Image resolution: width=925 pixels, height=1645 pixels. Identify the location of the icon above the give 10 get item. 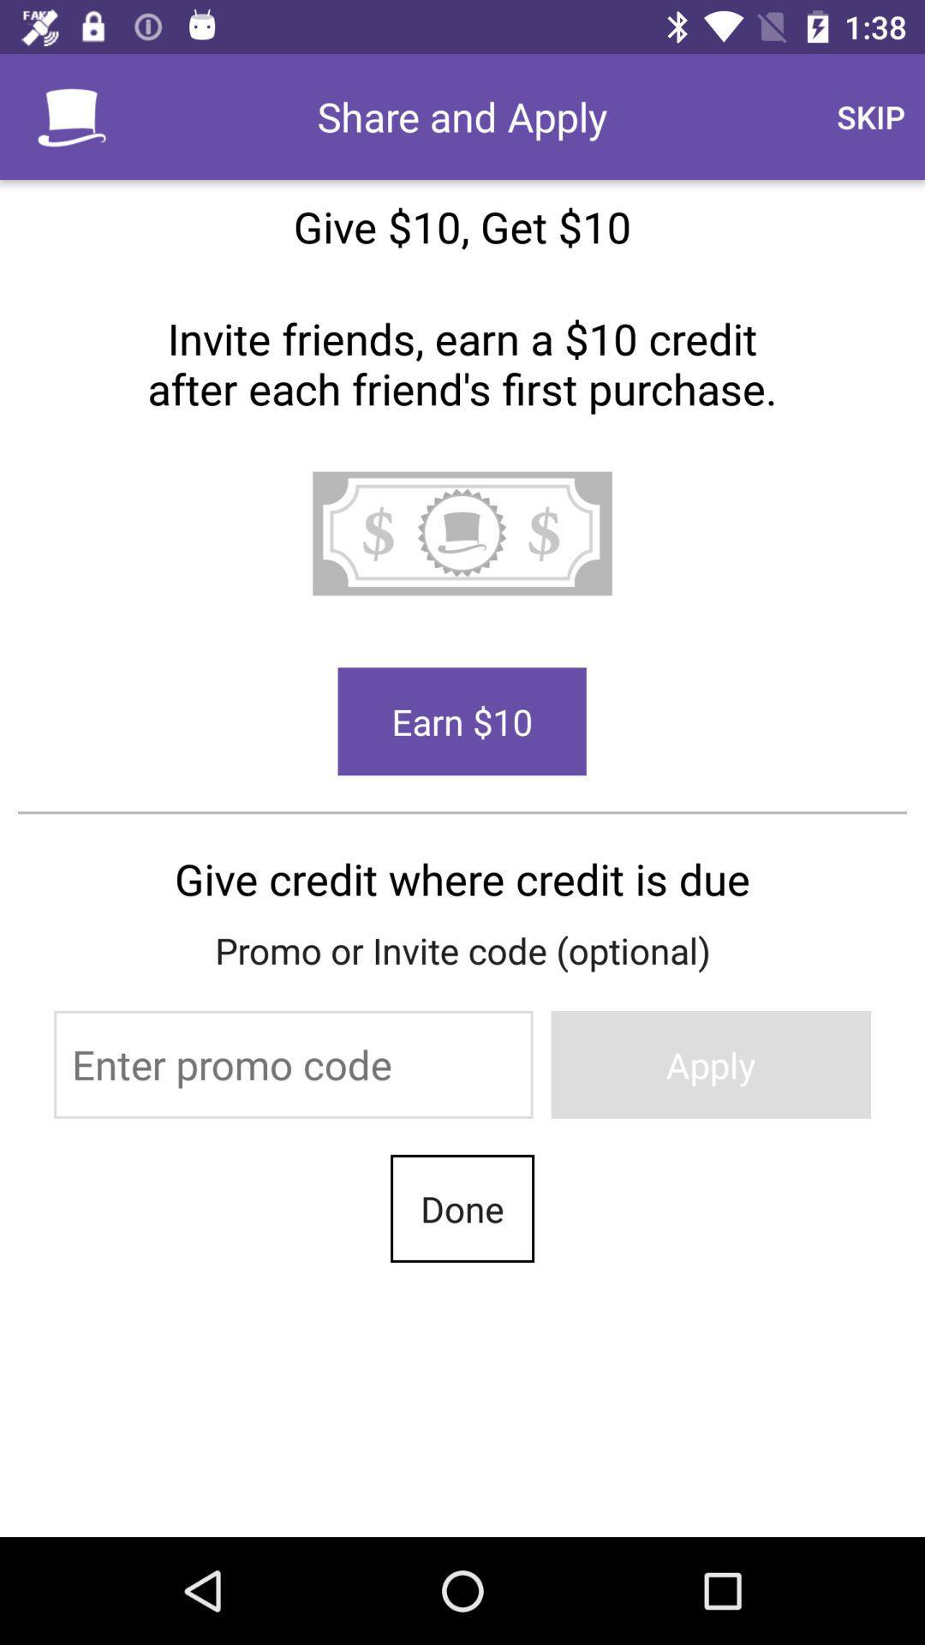
(871, 116).